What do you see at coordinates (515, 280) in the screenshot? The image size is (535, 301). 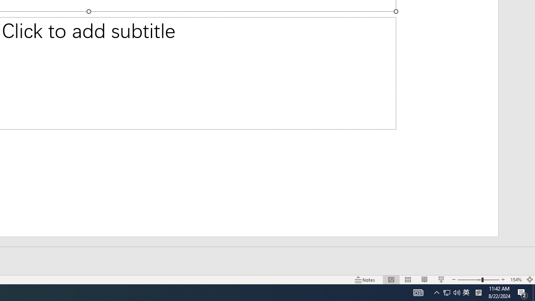 I see `'Zoom 154%'` at bounding box center [515, 280].